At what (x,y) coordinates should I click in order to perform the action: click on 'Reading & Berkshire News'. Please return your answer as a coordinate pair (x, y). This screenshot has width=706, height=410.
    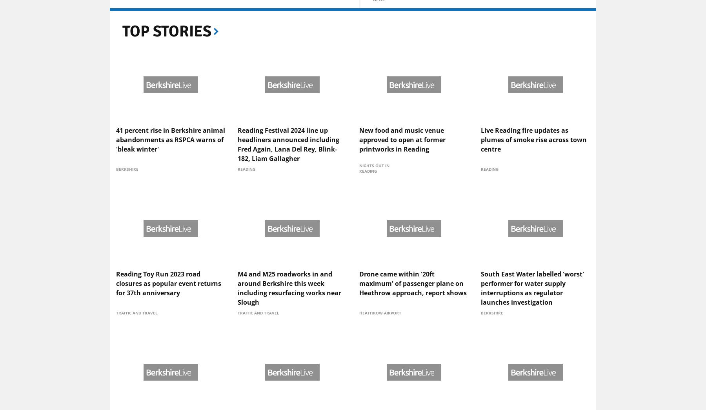
    Looking at the image, I should click on (384, 56).